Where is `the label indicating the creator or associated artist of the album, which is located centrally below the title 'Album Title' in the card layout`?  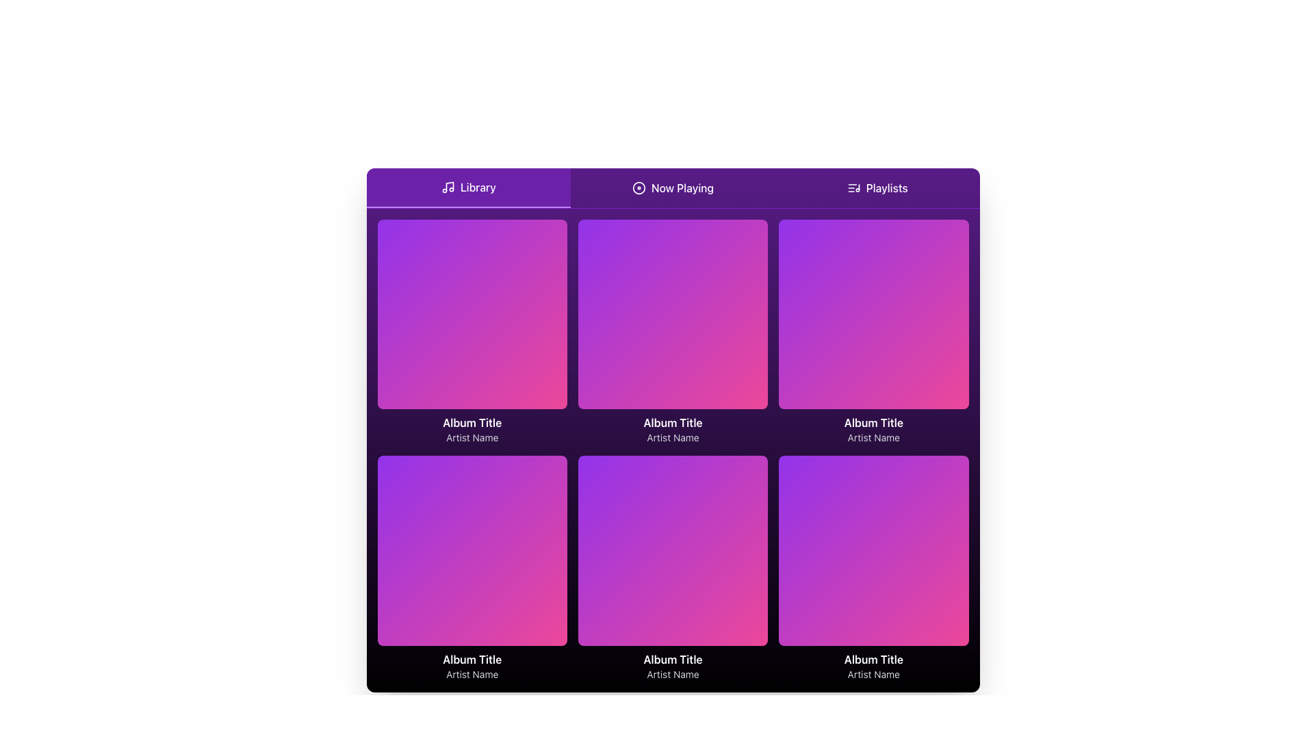 the label indicating the creator or associated artist of the album, which is located centrally below the title 'Album Title' in the card layout is located at coordinates (673, 438).